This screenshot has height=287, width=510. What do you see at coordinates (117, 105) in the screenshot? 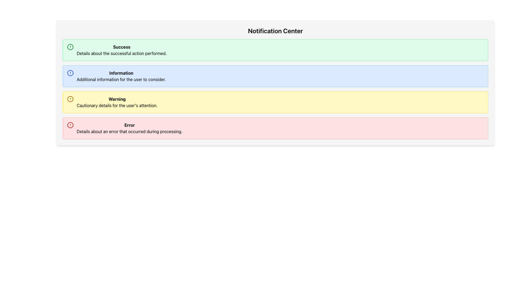
I see `the informational text content related to the 'Warning' notification, which is positioned in a yellow box below the 'Warning' label and above the 'Error' message` at bounding box center [117, 105].